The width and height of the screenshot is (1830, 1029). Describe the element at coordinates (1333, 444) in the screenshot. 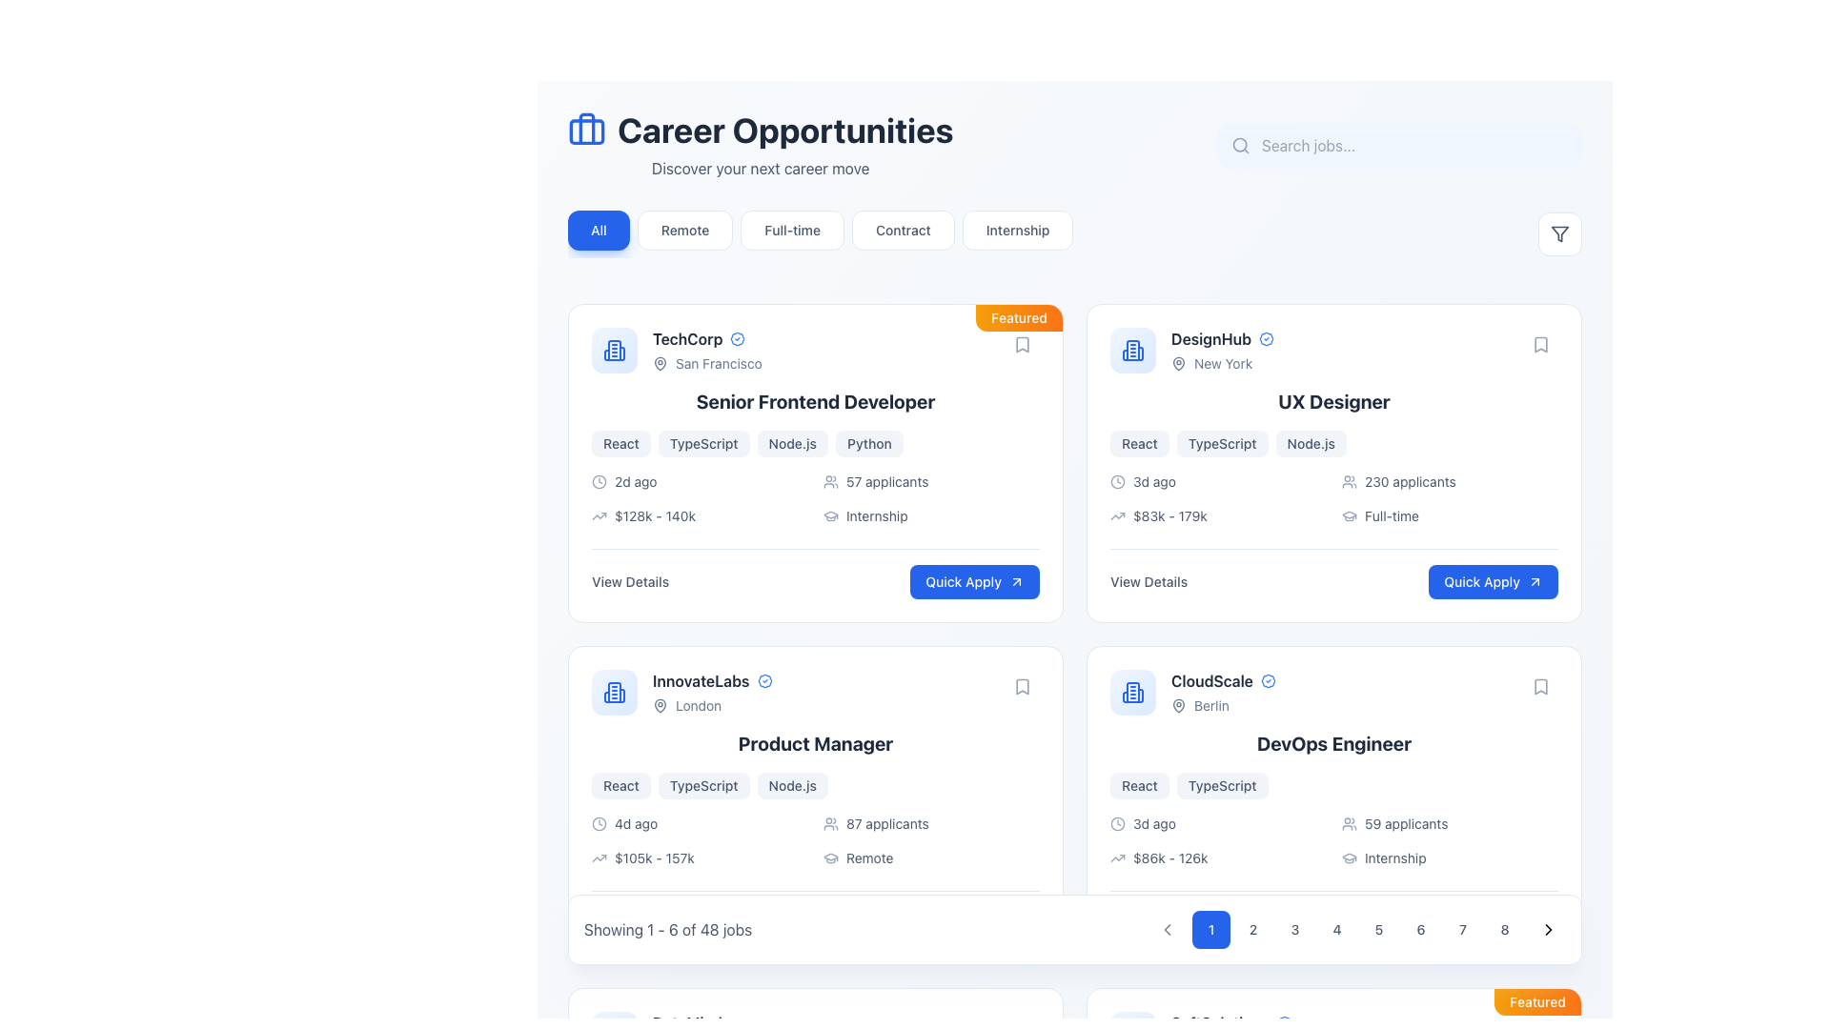

I see `one of the badges in the horizontal list of technology badges ('React', 'TypeScript', 'Node.js') located beneath the job title for the 'UX Designer' position by 'DesignHub'` at that location.